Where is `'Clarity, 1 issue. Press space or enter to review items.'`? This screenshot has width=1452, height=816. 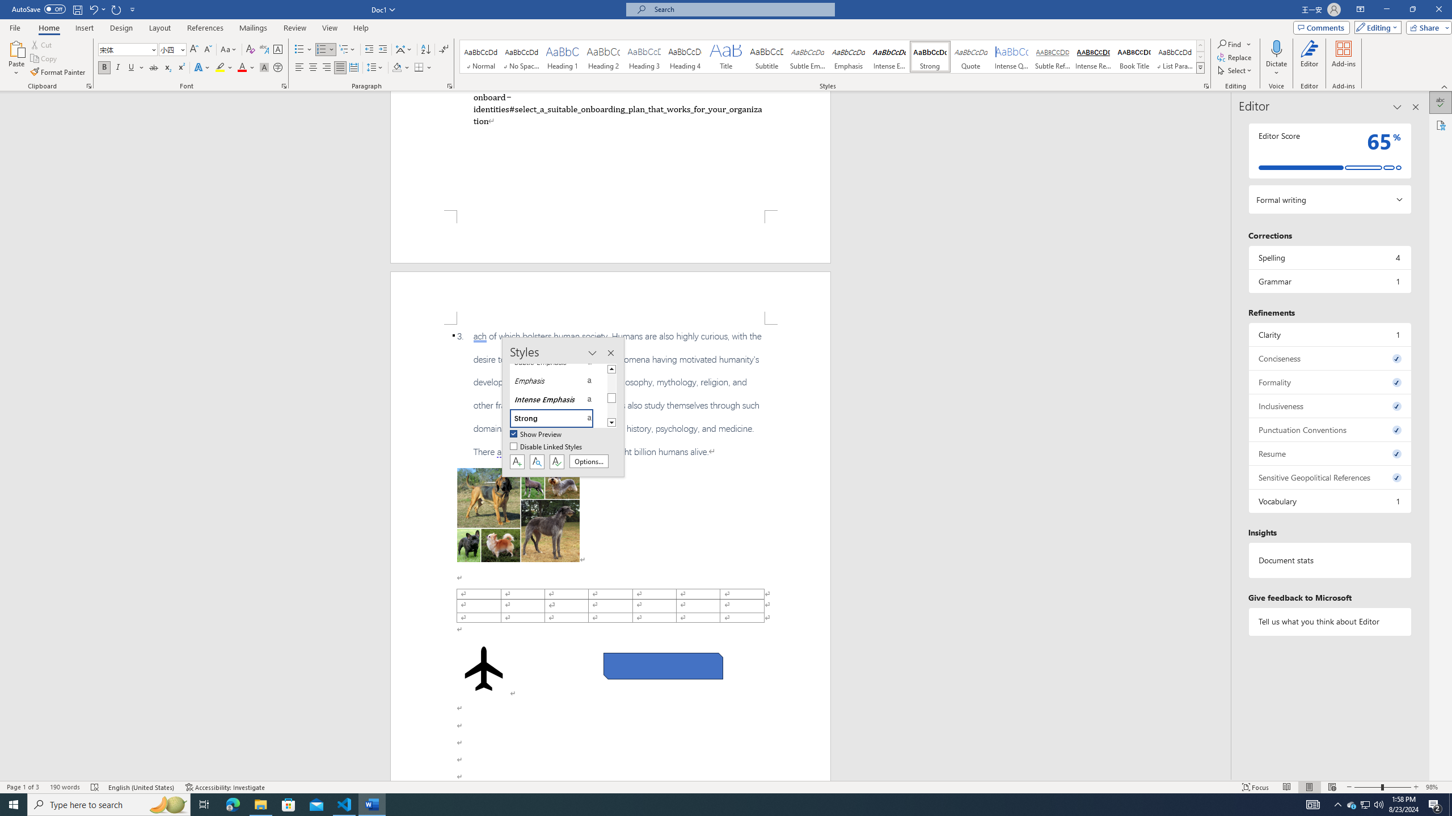 'Clarity, 1 issue. Press space or enter to review items.' is located at coordinates (1329, 334).